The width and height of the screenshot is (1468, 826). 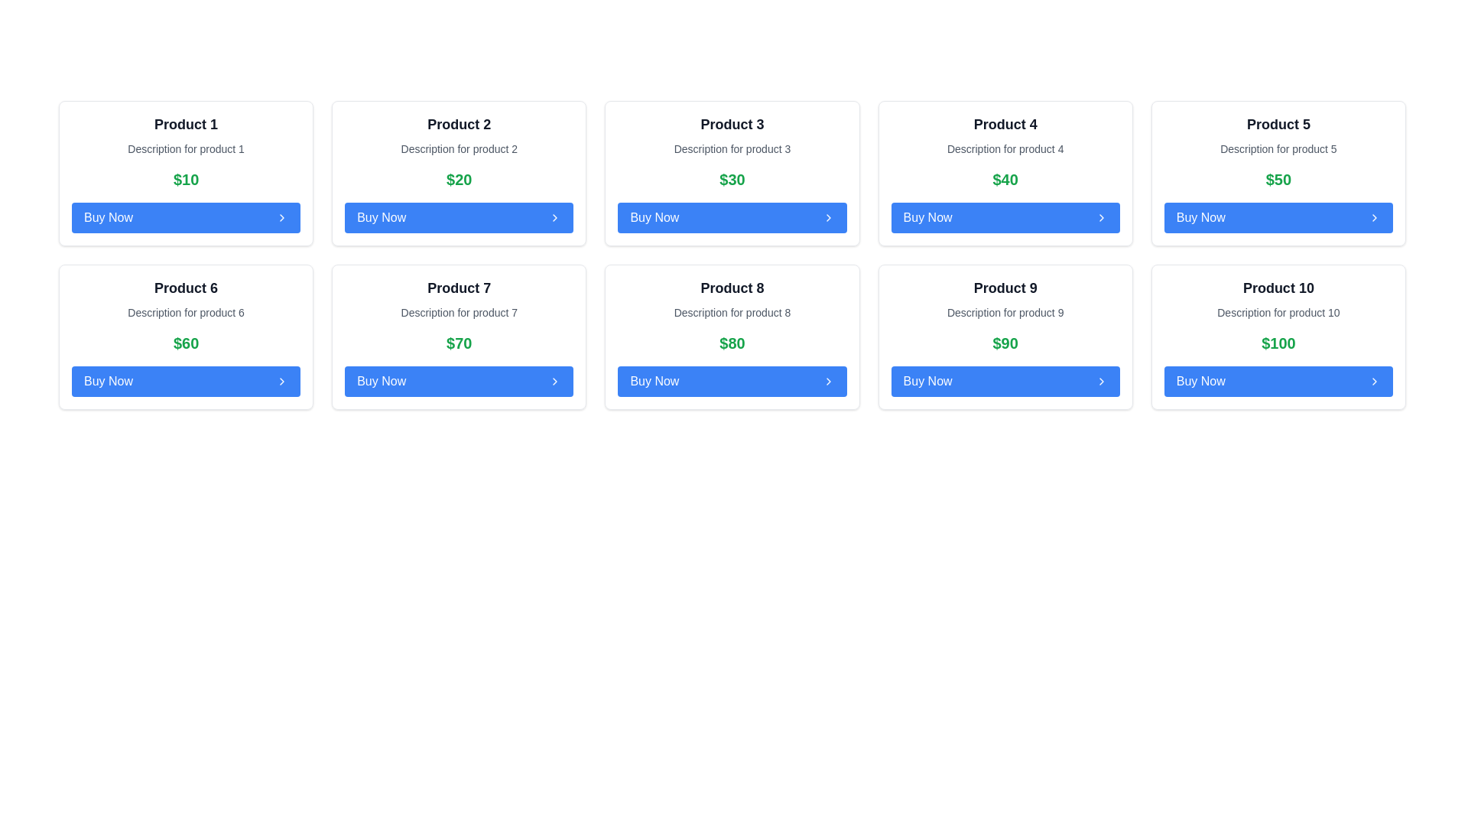 I want to click on the price text label of 'Product 3', which displays '$30' and is located below the product description and above the 'Buy Now' button, so click(x=732, y=179).